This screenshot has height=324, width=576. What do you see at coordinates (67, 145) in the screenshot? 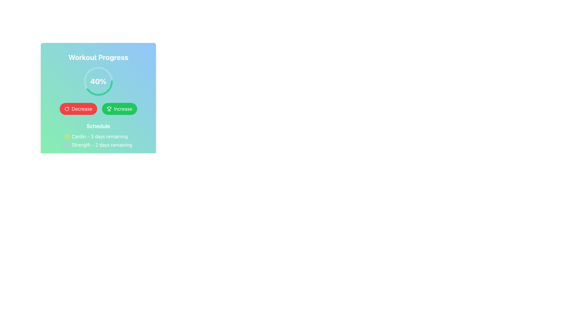
I see `the purple dumbbell icon located to the left of the text 'Strength - 2 days remaining' in the 'Schedule' section` at bounding box center [67, 145].